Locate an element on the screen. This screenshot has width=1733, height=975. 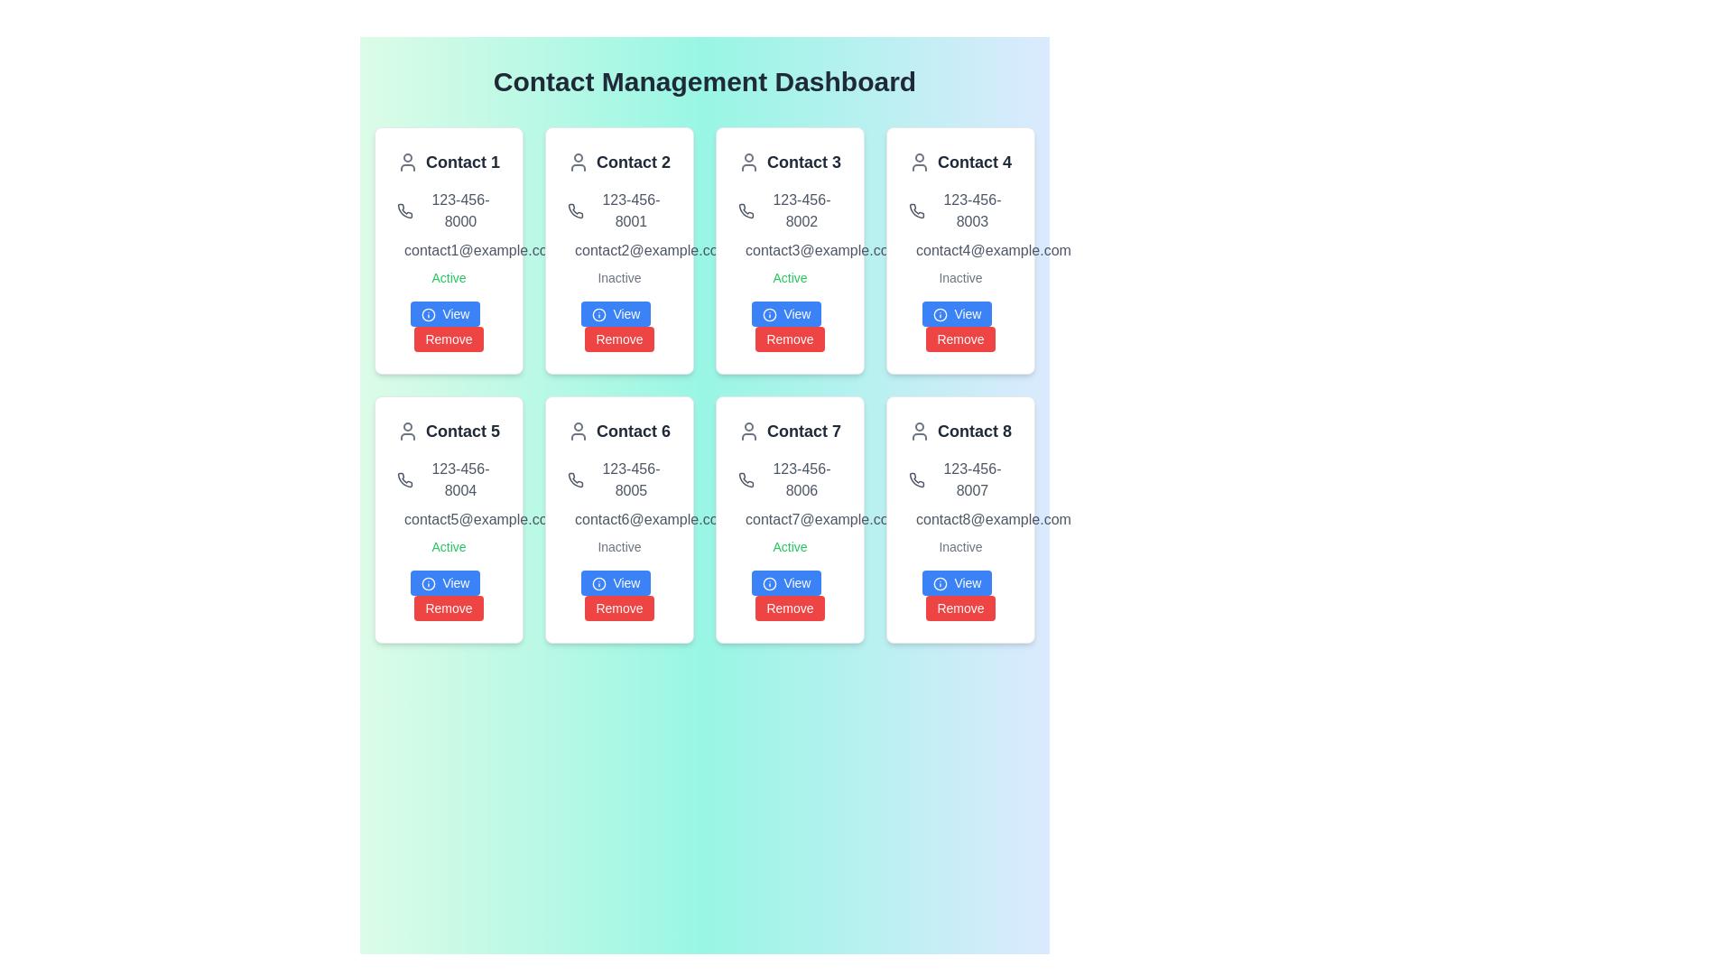
the 'Remove' button located at the bottom of the card for 'Contact 1' is located at coordinates (449, 327).